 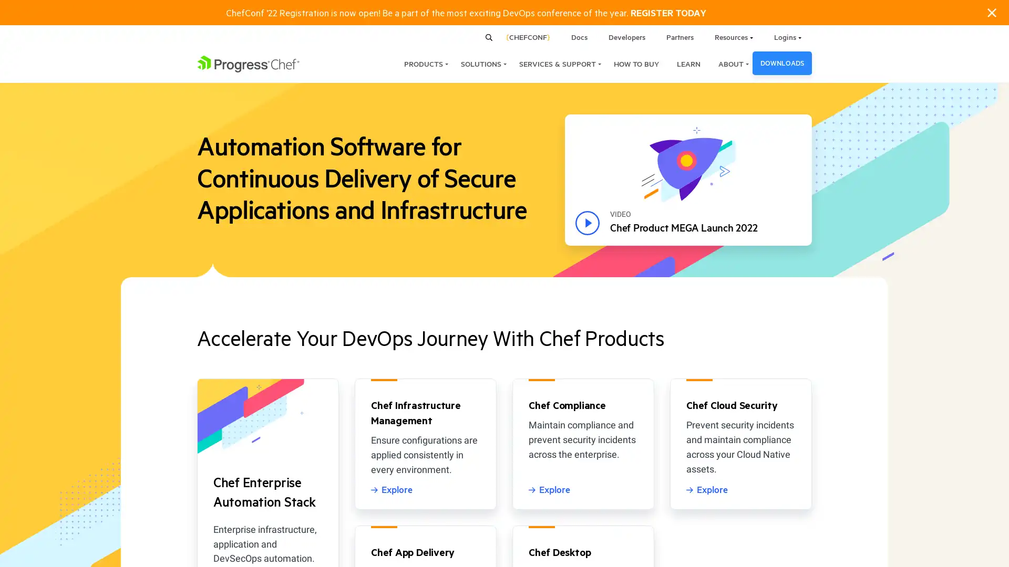 I want to click on SERVICES & SUPPORT, so click(x=534, y=64).